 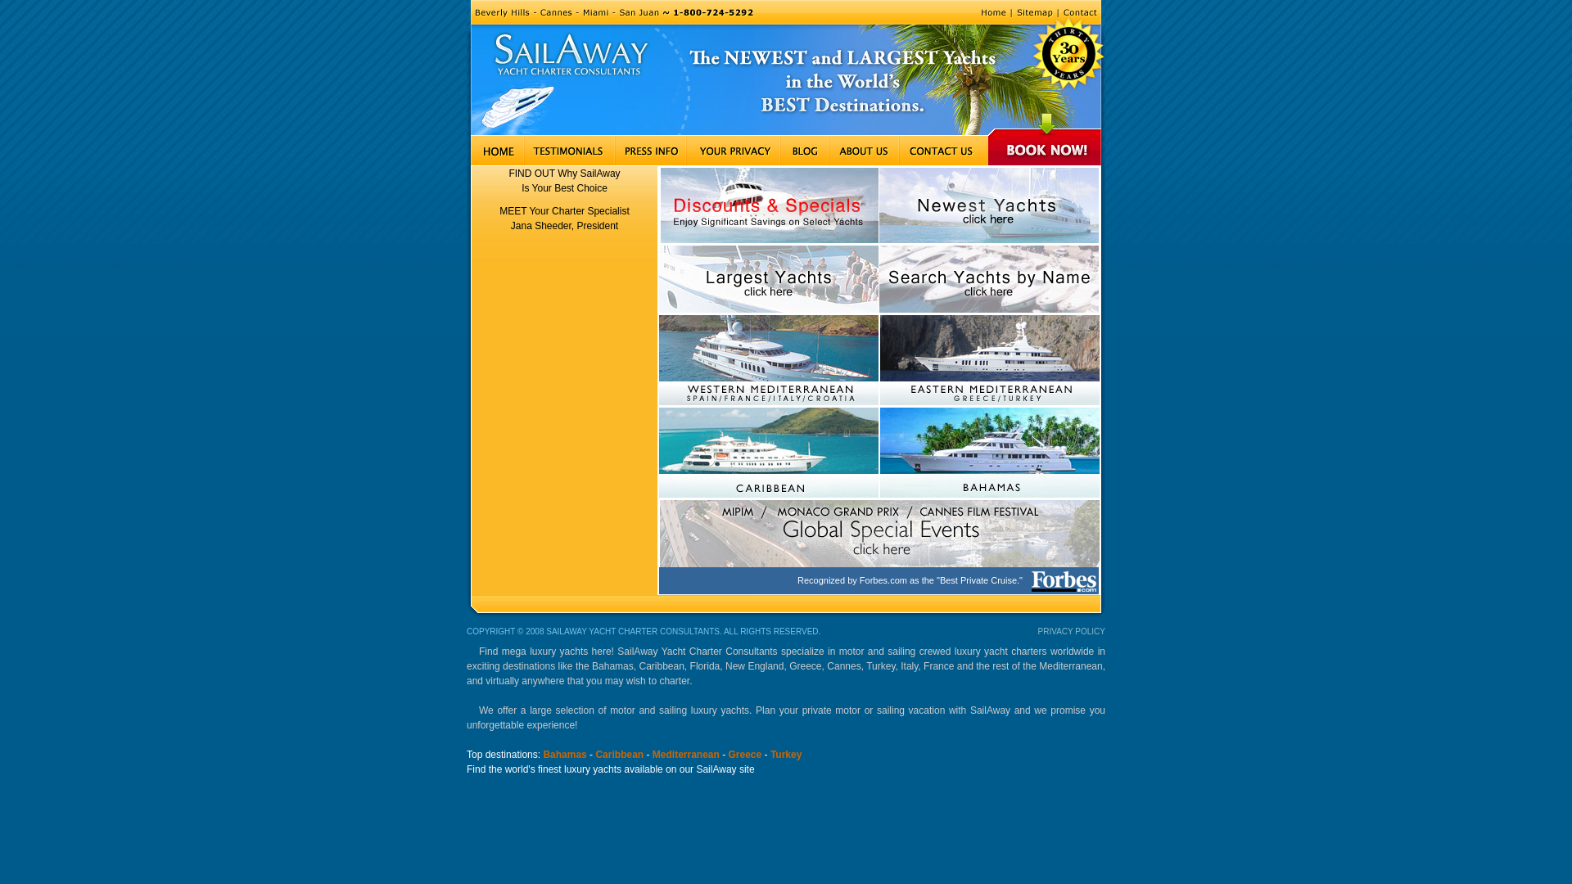 What do you see at coordinates (943, 151) in the screenshot?
I see `'Contact Us'` at bounding box center [943, 151].